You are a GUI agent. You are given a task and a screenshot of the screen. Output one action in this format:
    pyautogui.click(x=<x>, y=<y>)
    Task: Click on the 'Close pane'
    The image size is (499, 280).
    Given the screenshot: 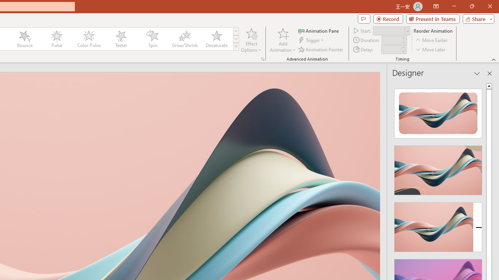 What is the action you would take?
    pyautogui.click(x=489, y=73)
    